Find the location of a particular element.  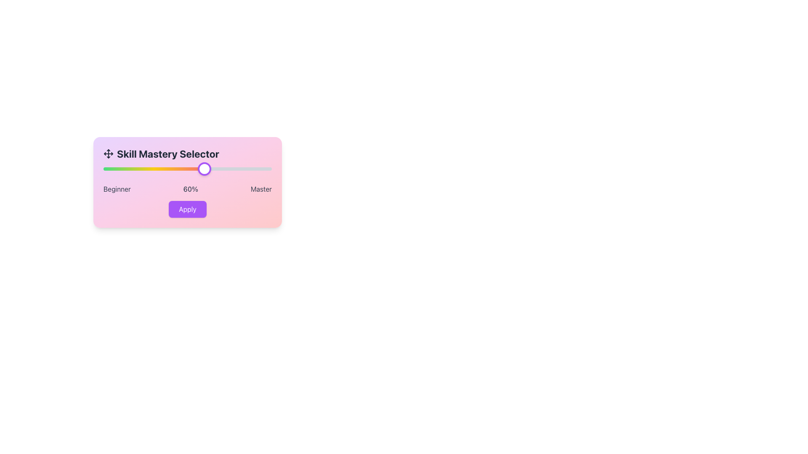

the skill mastery level is located at coordinates (144, 169).